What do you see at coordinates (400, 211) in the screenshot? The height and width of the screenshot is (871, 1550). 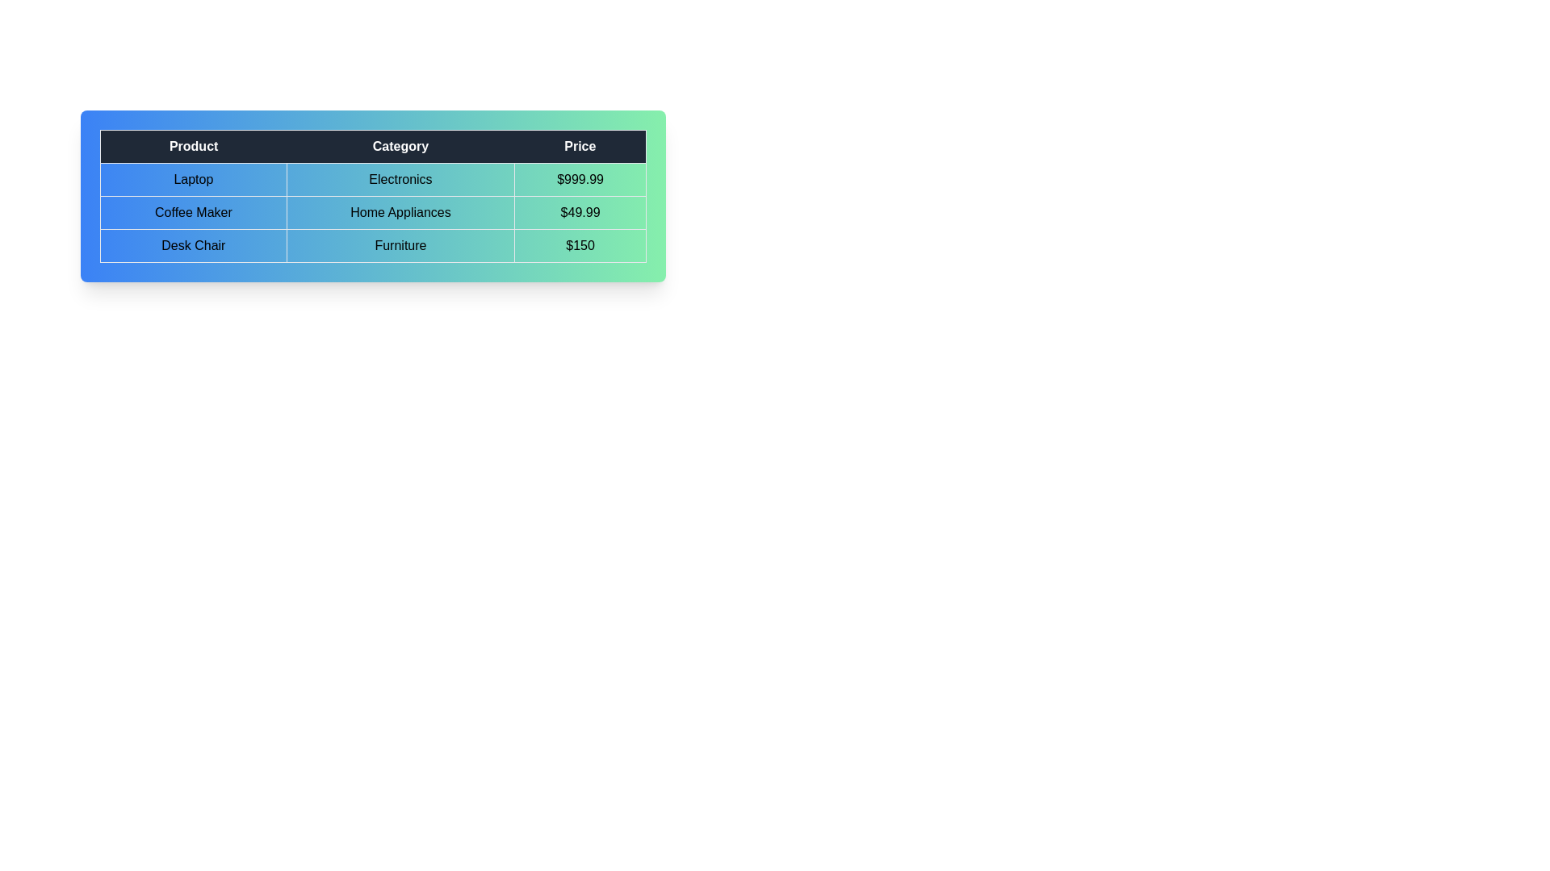 I see `text of the category label located in the second row under the 'Category' column, next to 'Coffee Maker' and '$49.99'` at bounding box center [400, 211].